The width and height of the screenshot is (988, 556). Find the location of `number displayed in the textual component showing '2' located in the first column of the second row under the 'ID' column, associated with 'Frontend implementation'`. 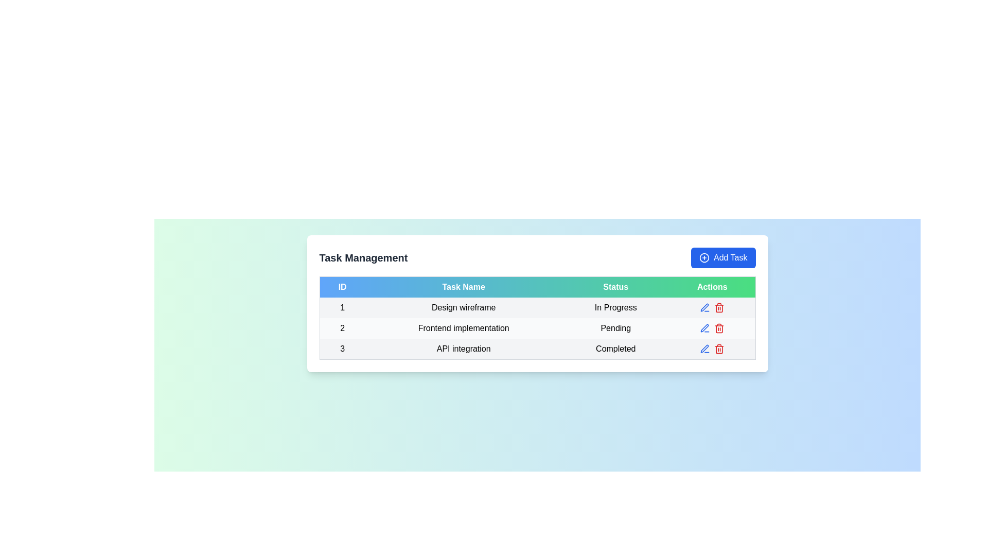

number displayed in the textual component showing '2' located in the first column of the second row under the 'ID' column, associated with 'Frontend implementation' is located at coordinates (342, 328).